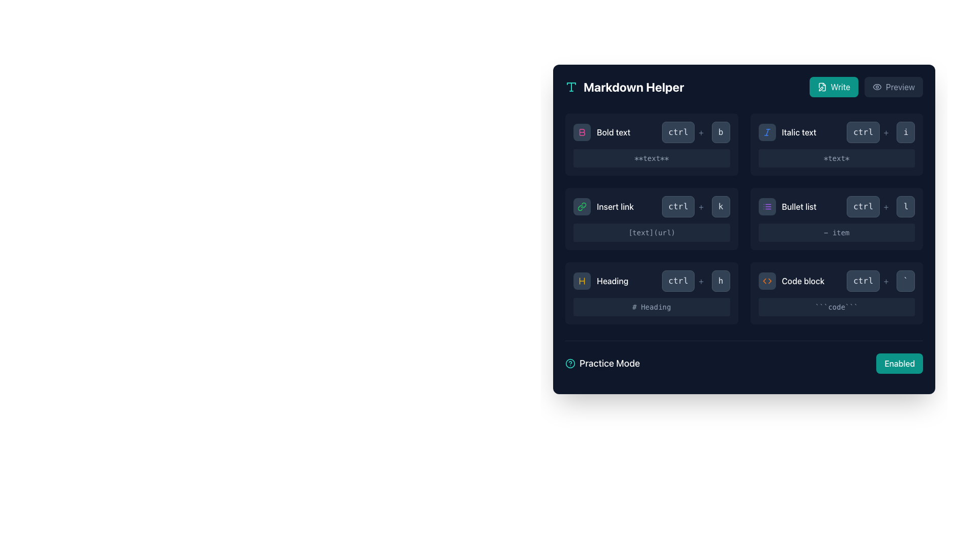  Describe the element at coordinates (651, 293) in the screenshot. I see `displayed content of the Information Card located in the bottom-left segment of the 'Markdown Helper' panel, which provides guidance on markdown syntax for headings and the keyboard shortcut 'ctrl + h'` at that location.